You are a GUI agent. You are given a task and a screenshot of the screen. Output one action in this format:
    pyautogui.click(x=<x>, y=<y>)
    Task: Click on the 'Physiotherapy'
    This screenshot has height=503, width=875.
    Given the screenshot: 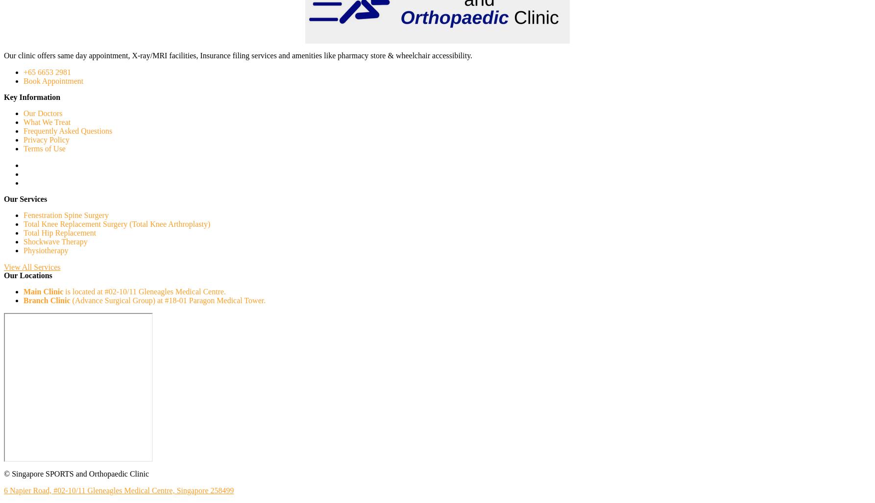 What is the action you would take?
    pyautogui.click(x=24, y=250)
    